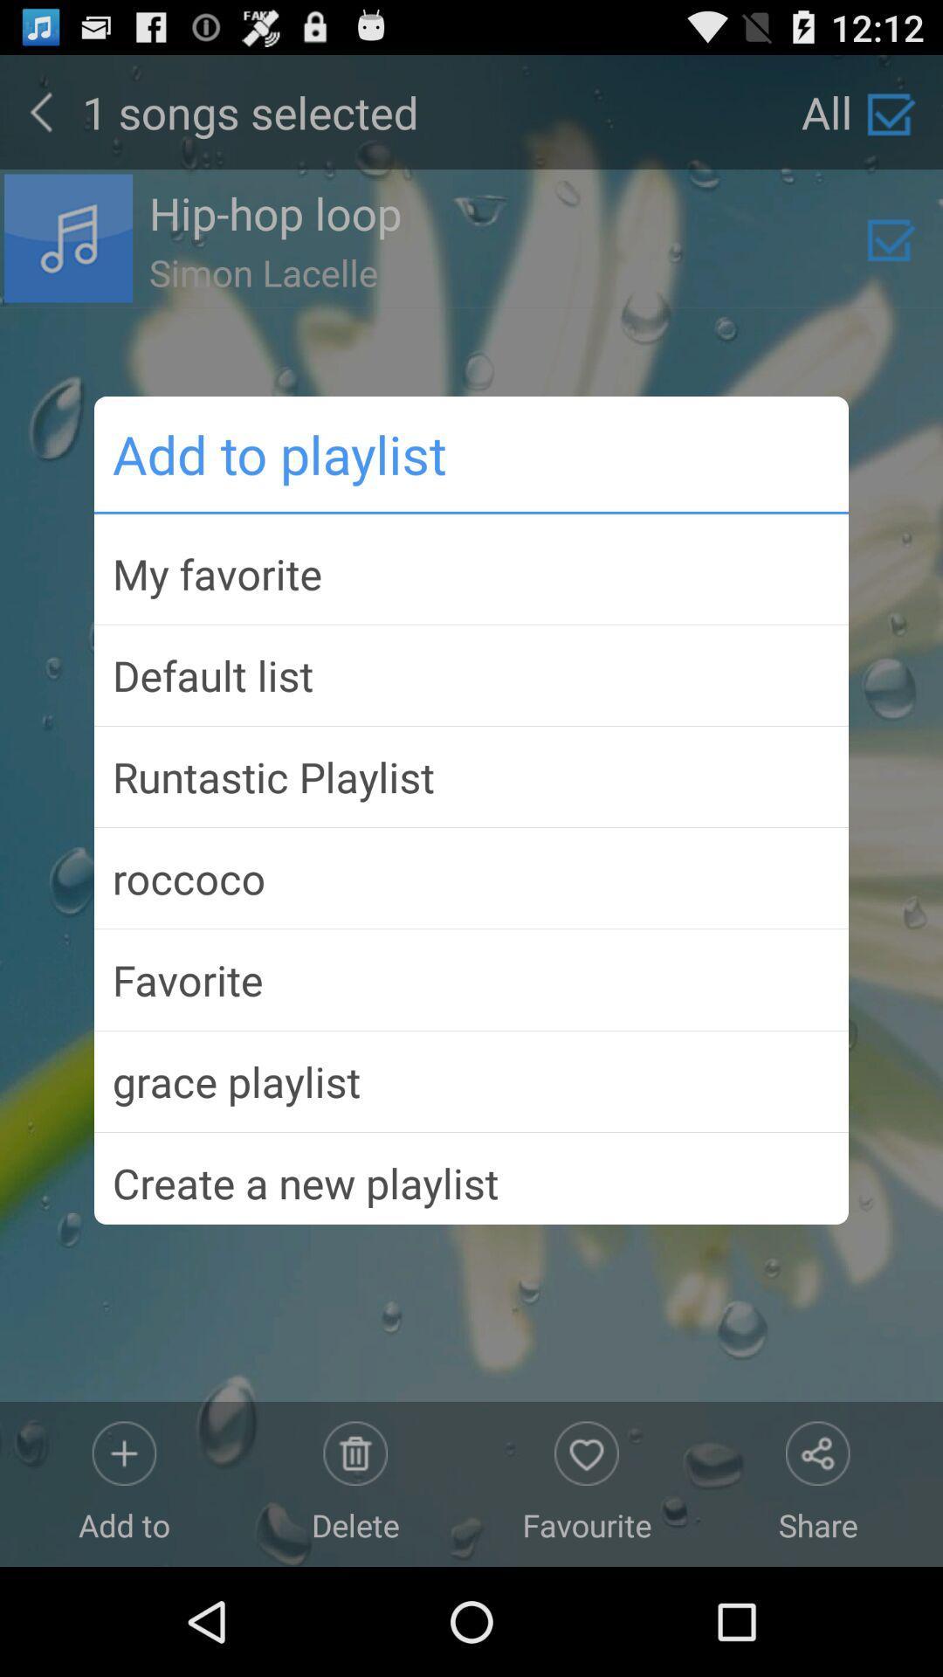 This screenshot has width=943, height=1677. What do you see at coordinates (471, 776) in the screenshot?
I see `the runtastic playlist icon` at bounding box center [471, 776].